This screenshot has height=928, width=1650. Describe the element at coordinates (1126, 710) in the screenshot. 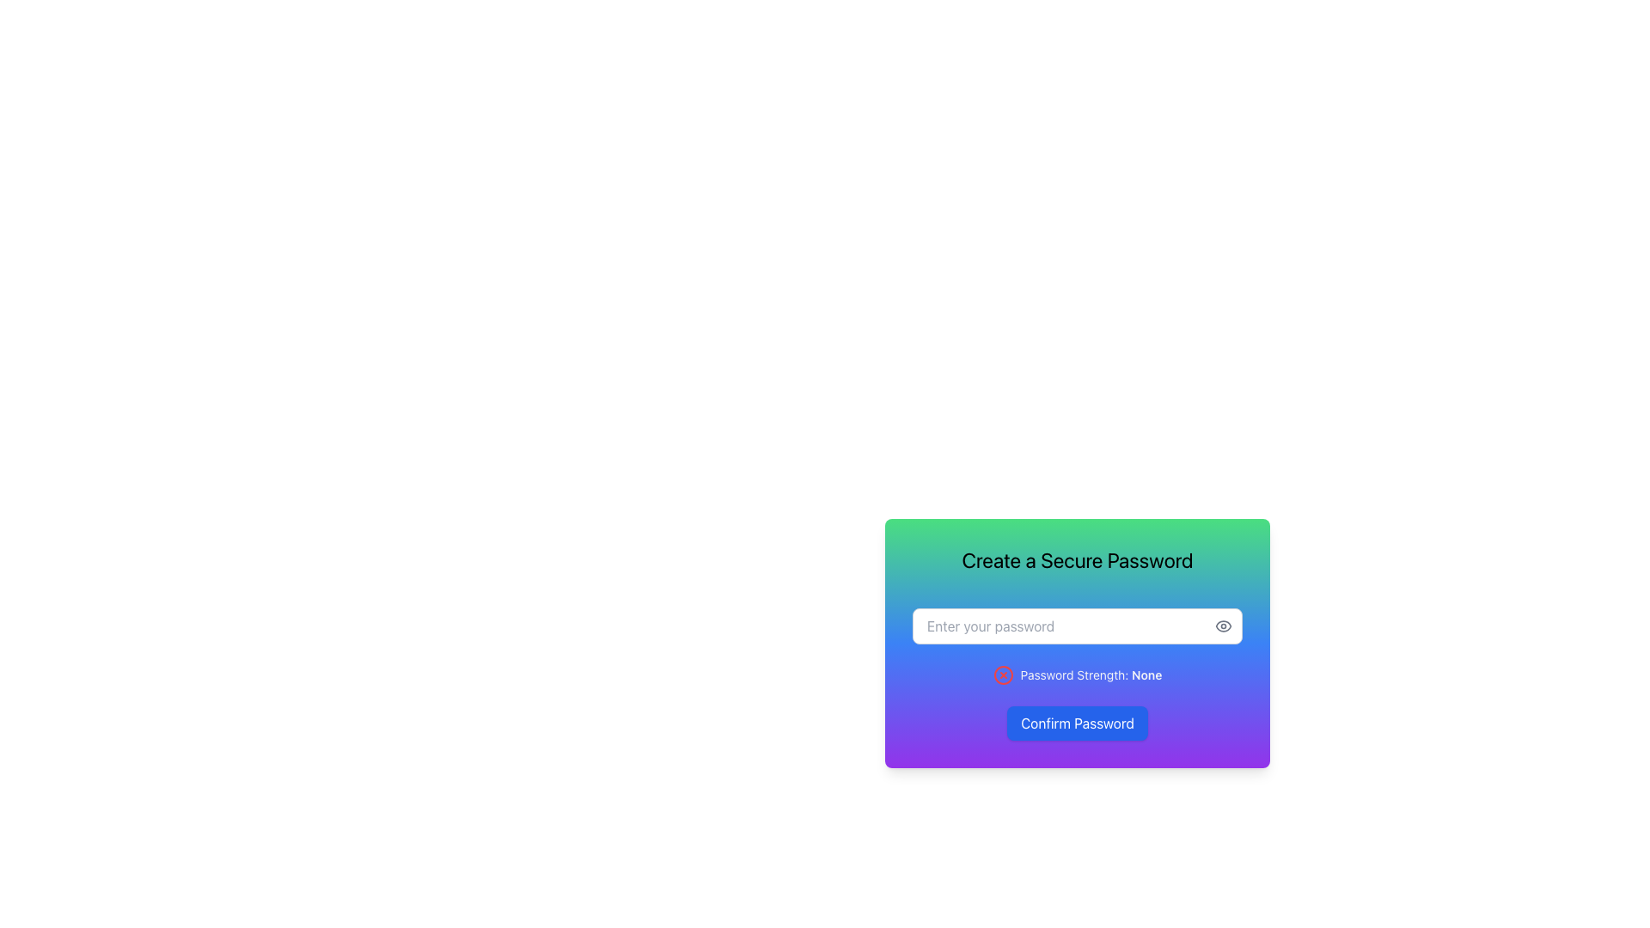

I see `the 'Confirm Password' button, which is a blue button located at the bottom center of the dialog box` at that location.